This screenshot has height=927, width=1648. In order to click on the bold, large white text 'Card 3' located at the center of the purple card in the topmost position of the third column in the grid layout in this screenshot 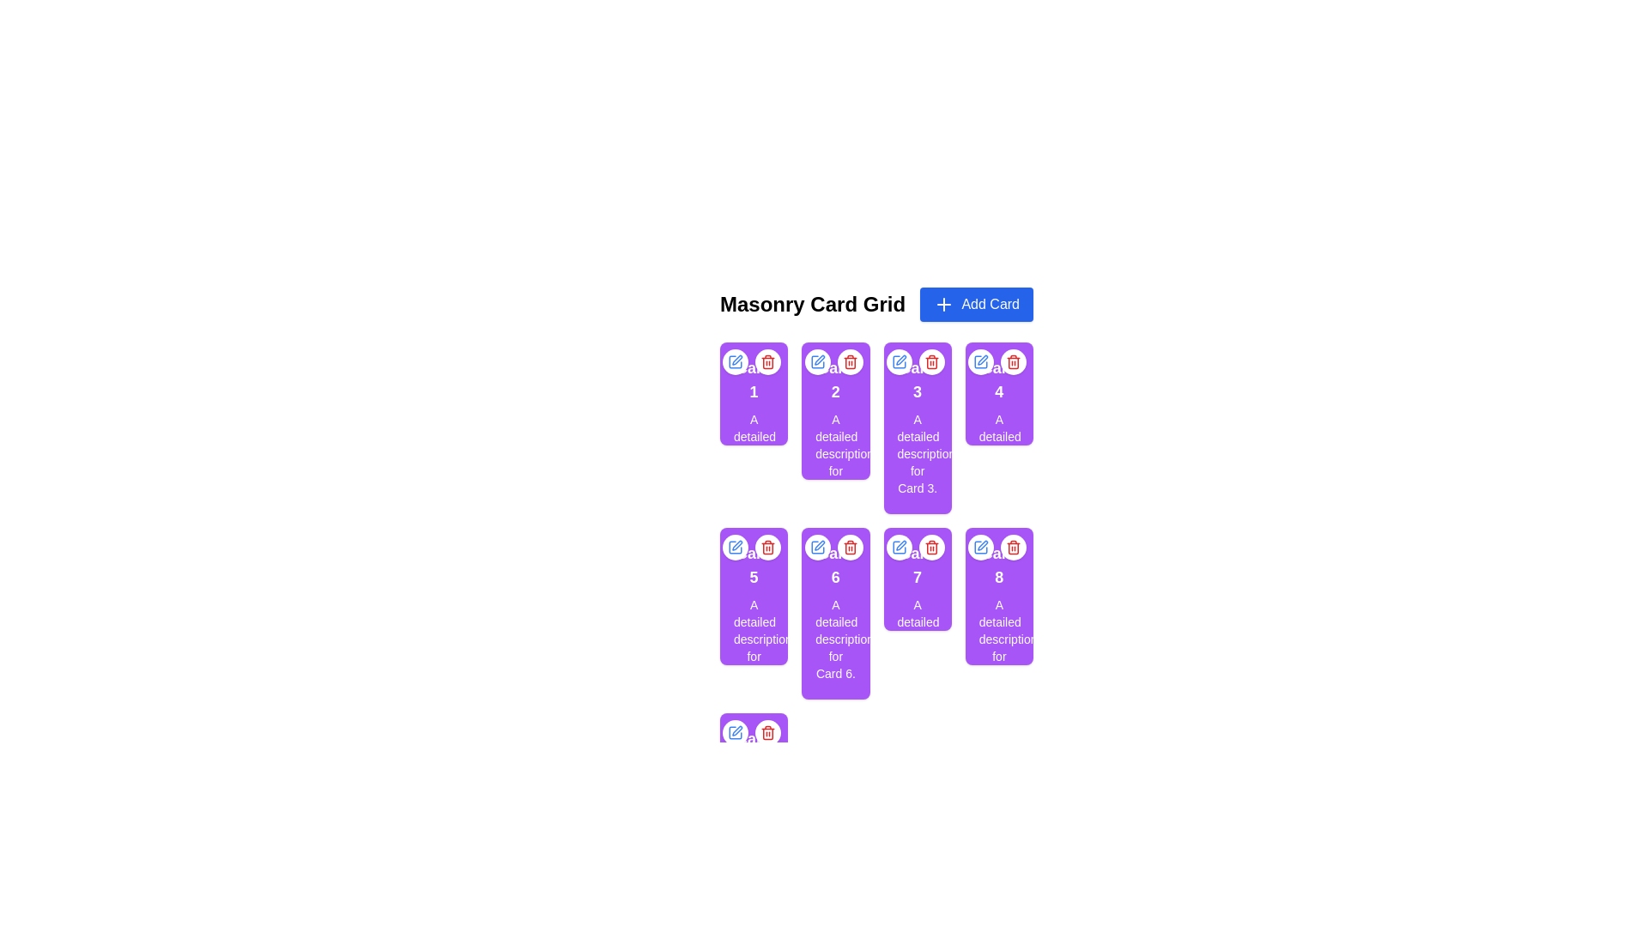, I will do `click(917, 379)`.